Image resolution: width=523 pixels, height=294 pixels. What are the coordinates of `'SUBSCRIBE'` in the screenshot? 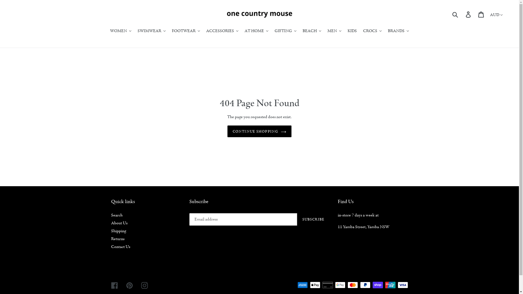 It's located at (297, 219).